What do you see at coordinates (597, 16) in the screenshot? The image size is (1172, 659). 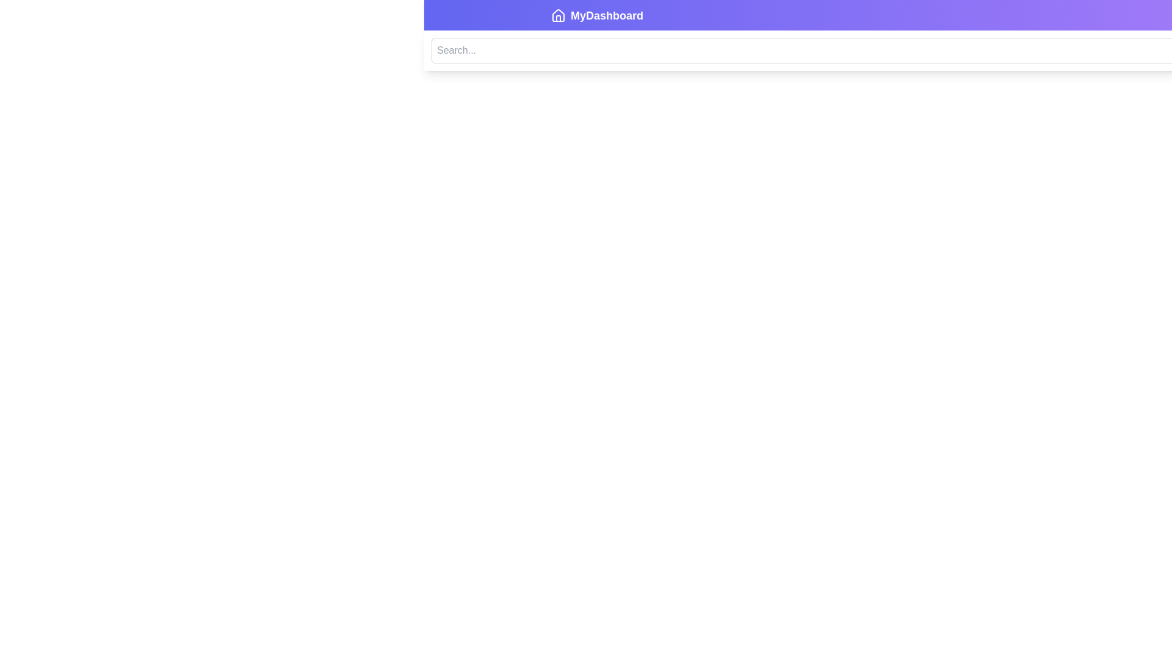 I see `the Label with Icon that serves as an identifier for the dashboard section, located slightly left of the horizontal center at the top section of the interface` at bounding box center [597, 16].